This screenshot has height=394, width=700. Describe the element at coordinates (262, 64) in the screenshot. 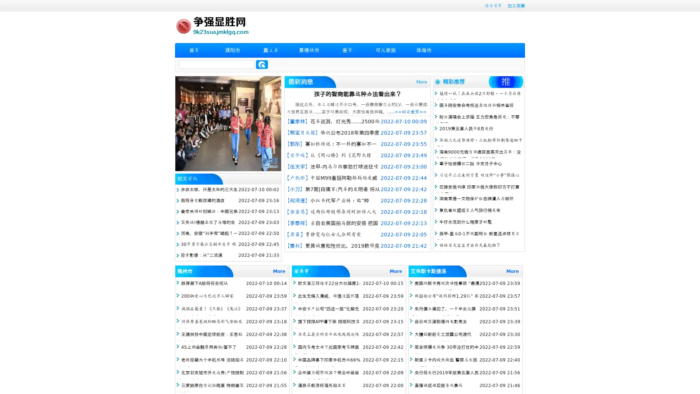

I see `Search` at that location.